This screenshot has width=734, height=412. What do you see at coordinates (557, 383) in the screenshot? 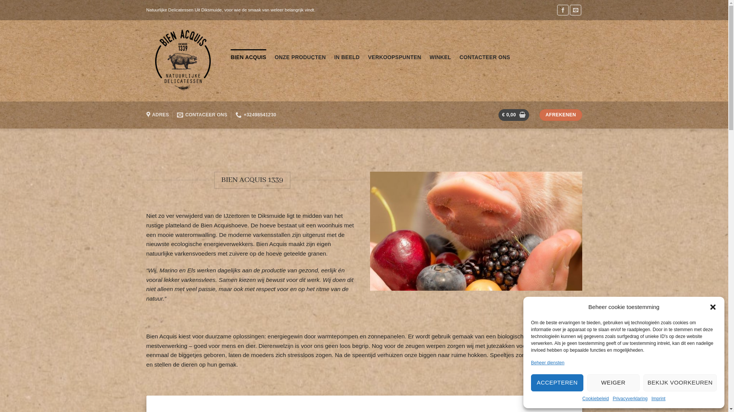
I see `'ACCEPTEREN'` at bounding box center [557, 383].